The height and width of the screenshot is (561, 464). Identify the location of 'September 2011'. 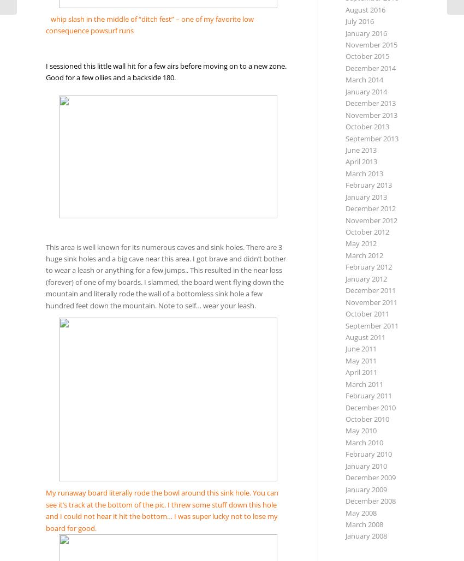
(371, 325).